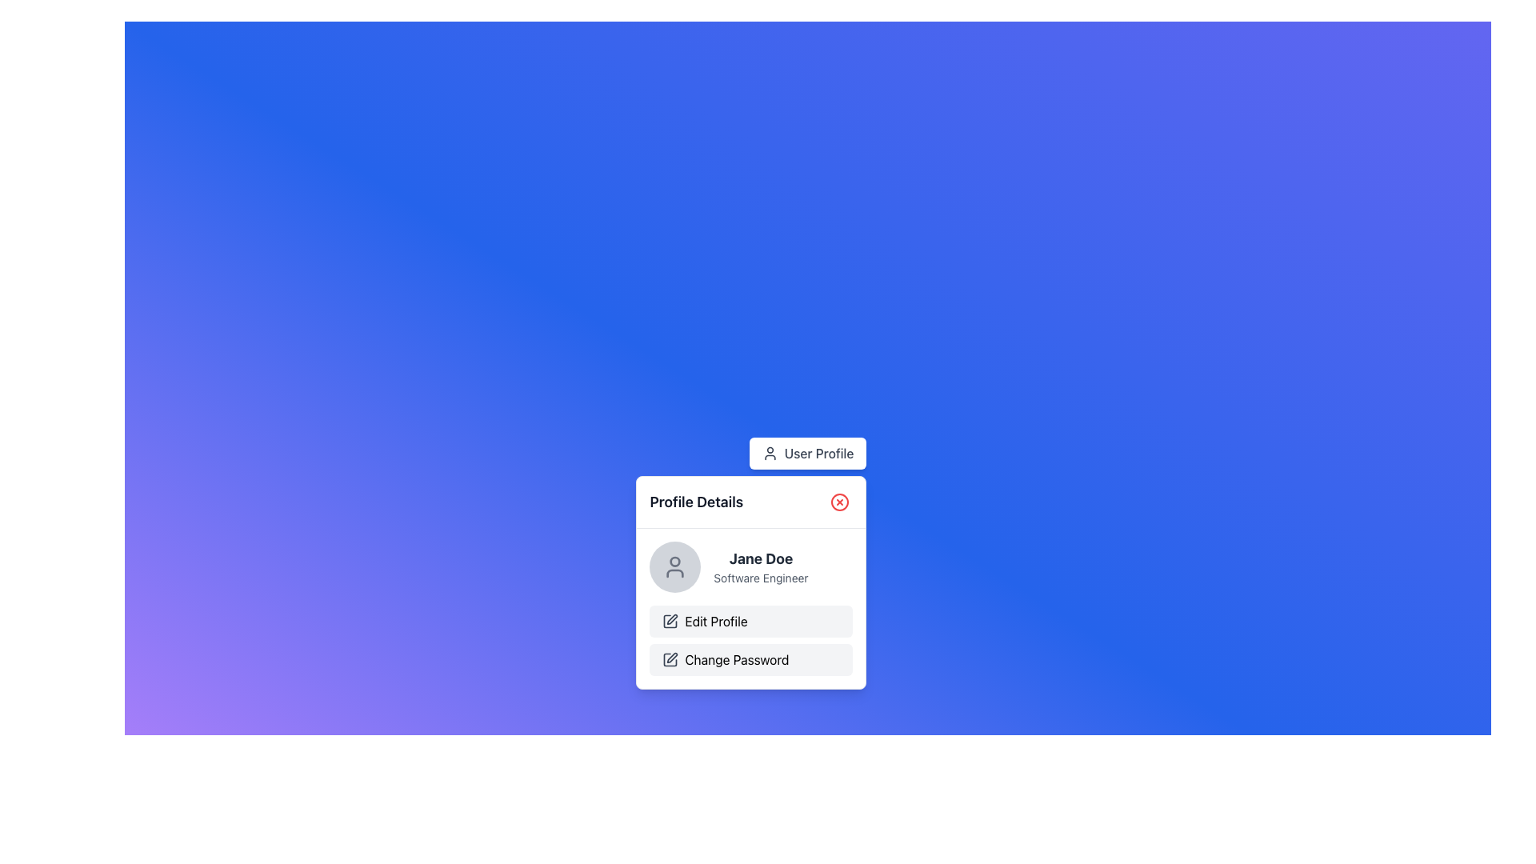  I want to click on the vertical group of action buttons located within the 'Profile Details' card, so click(750, 640).